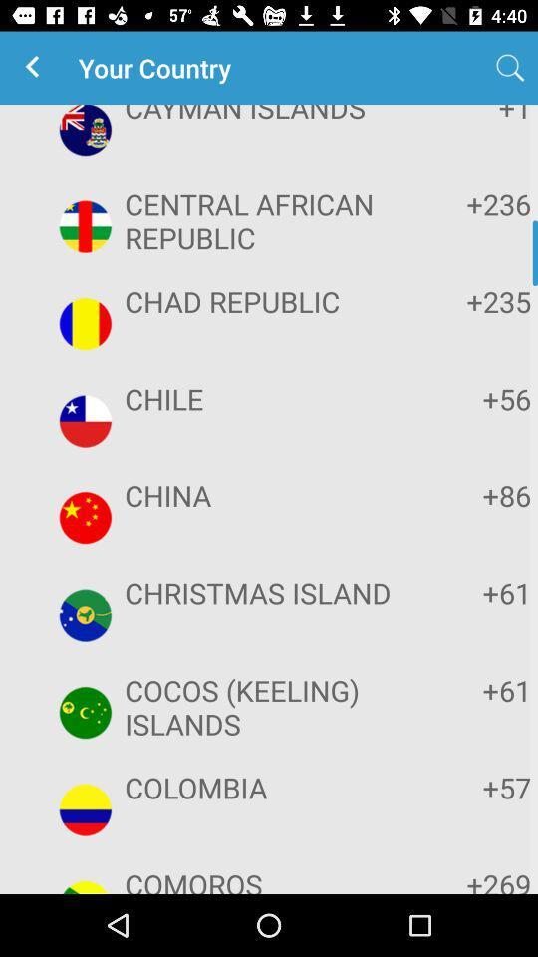 The width and height of the screenshot is (538, 957). I want to click on app next to cayman islands app, so click(469, 115).